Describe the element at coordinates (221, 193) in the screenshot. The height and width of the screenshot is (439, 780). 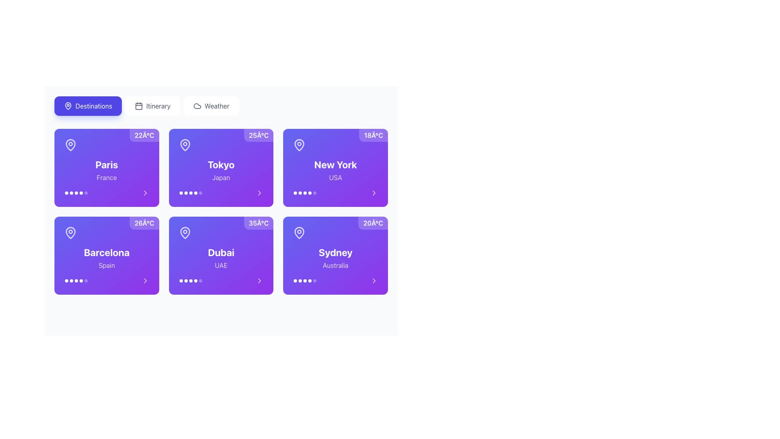
I see `the Pagination control located at the bottom of the card labeled 'Tokyo, Japan'` at that location.